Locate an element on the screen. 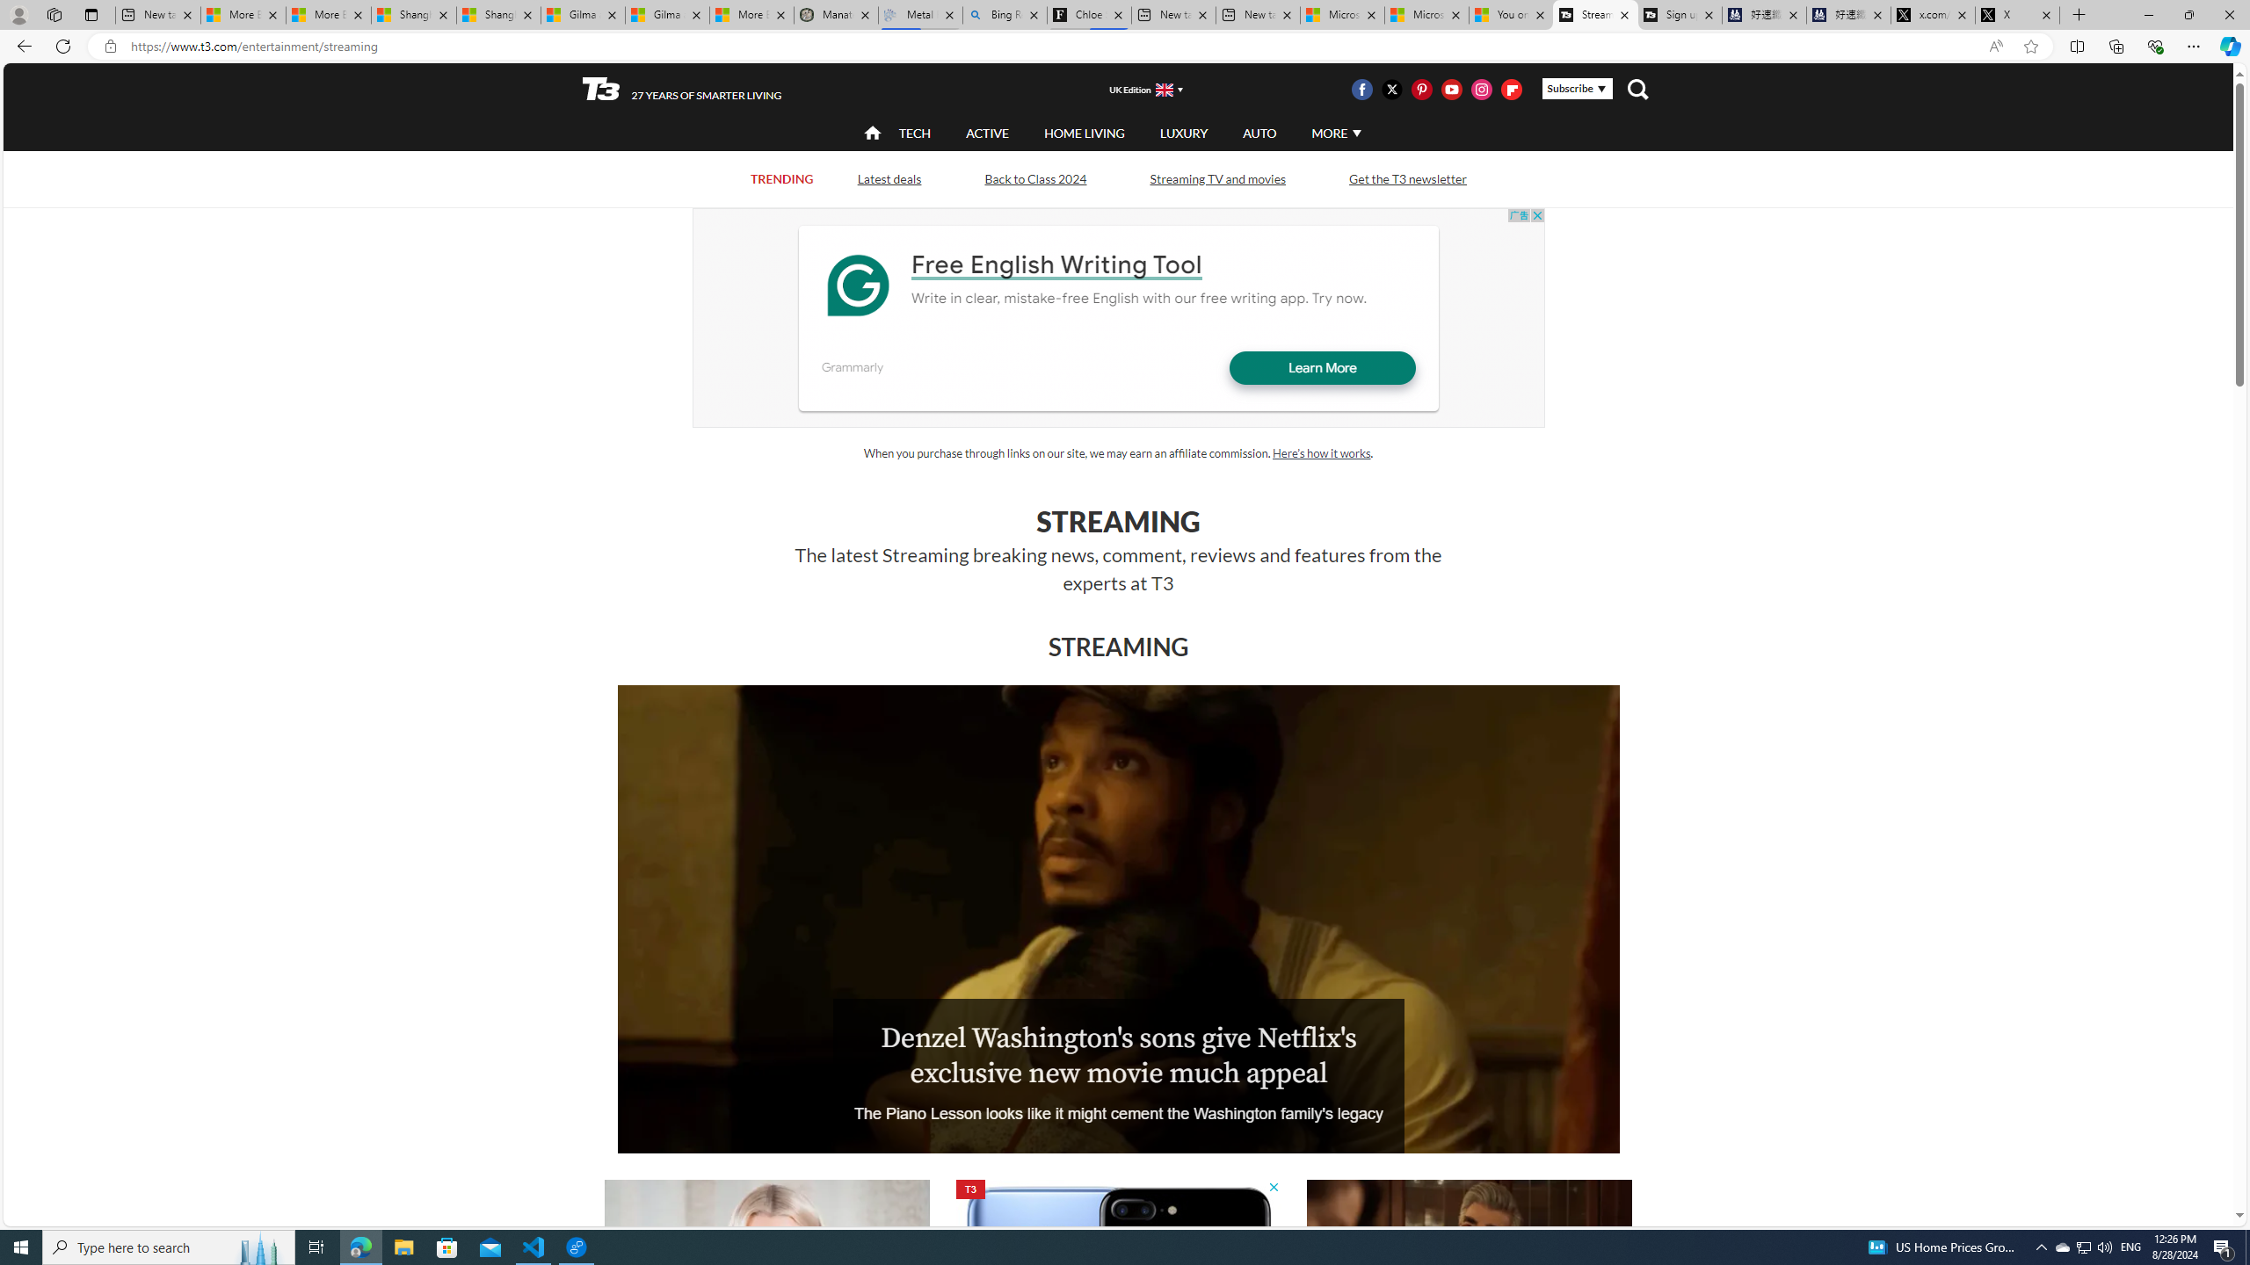 The width and height of the screenshot is (2250, 1265). 'Gilma and Hector both pose tropical trouble for Hawaii' is located at coordinates (667, 14).